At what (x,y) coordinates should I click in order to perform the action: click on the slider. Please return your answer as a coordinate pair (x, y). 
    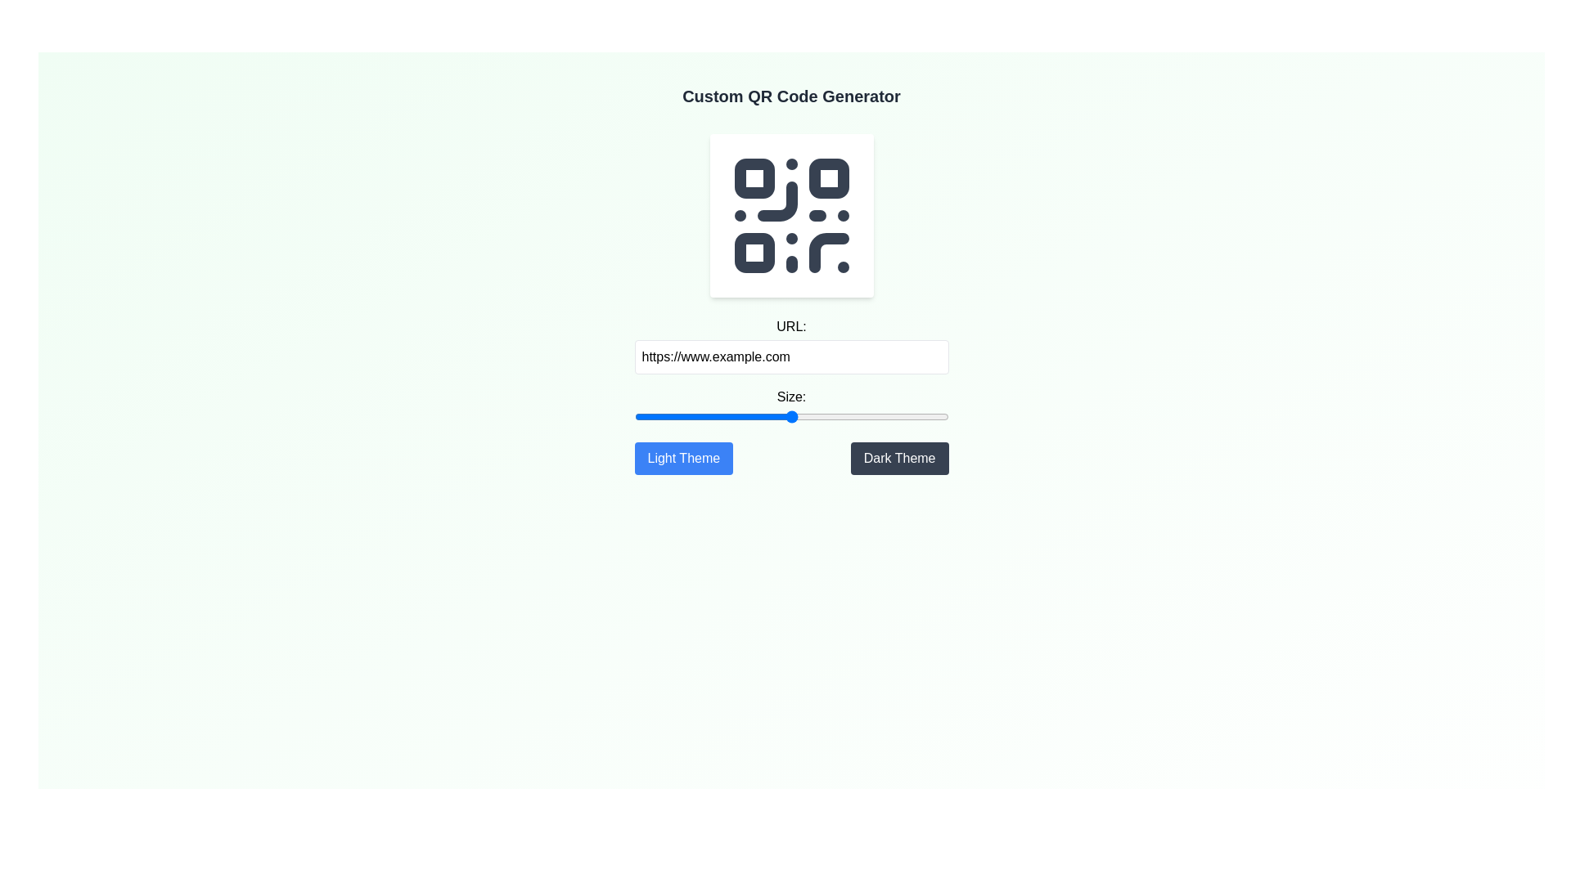
    Looking at the image, I should click on (672, 415).